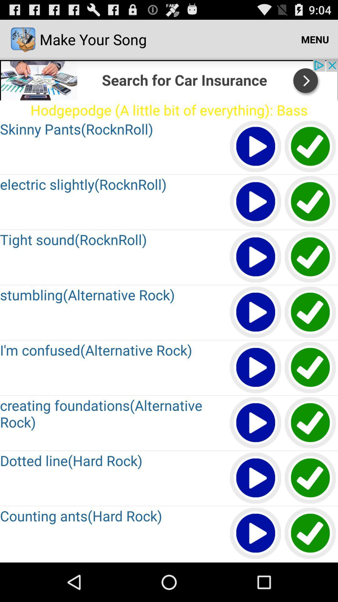 Image resolution: width=338 pixels, height=602 pixels. What do you see at coordinates (256, 257) in the screenshot?
I see `the media file` at bounding box center [256, 257].